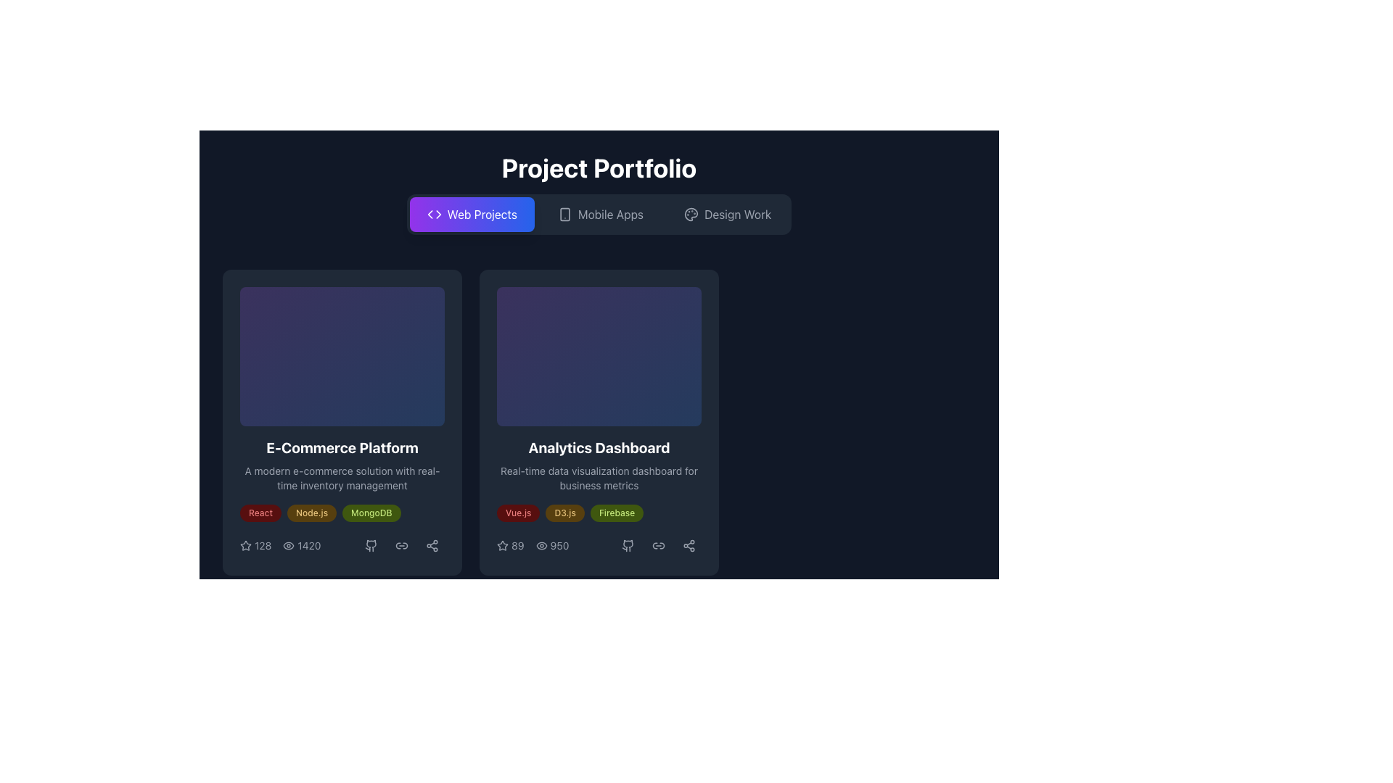 This screenshot has width=1393, height=783. I want to click on the Interactive navigation menu or filter bar to filter or navigate to the respective set of projects categorized into 'Web Projects', 'Mobile Apps', or 'Design Work', so click(599, 215).